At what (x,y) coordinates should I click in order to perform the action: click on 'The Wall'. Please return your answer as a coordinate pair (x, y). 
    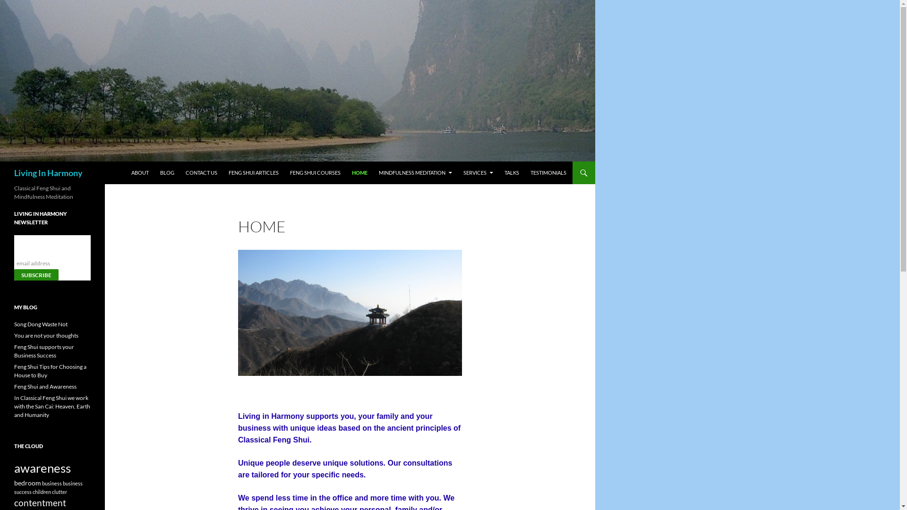
    Looking at the image, I should click on (349, 313).